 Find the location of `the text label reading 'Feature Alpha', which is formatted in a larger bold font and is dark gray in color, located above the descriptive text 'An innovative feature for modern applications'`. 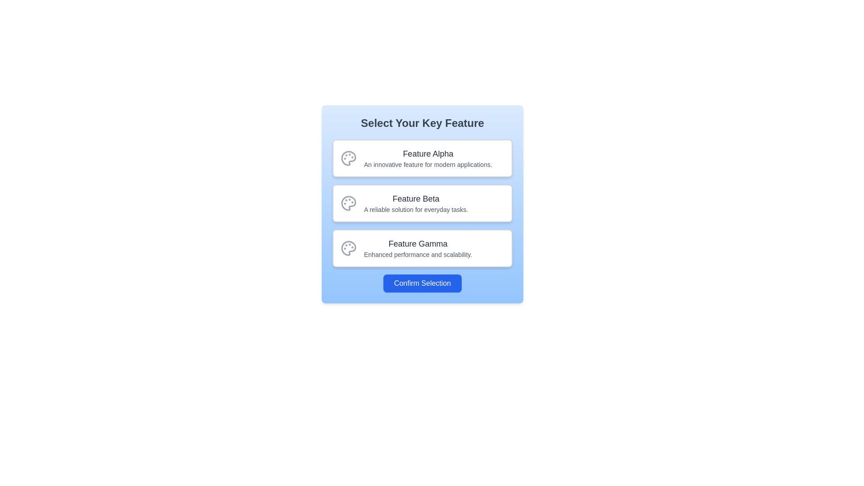

the text label reading 'Feature Alpha', which is formatted in a larger bold font and is dark gray in color, located above the descriptive text 'An innovative feature for modern applications' is located at coordinates (427, 153).